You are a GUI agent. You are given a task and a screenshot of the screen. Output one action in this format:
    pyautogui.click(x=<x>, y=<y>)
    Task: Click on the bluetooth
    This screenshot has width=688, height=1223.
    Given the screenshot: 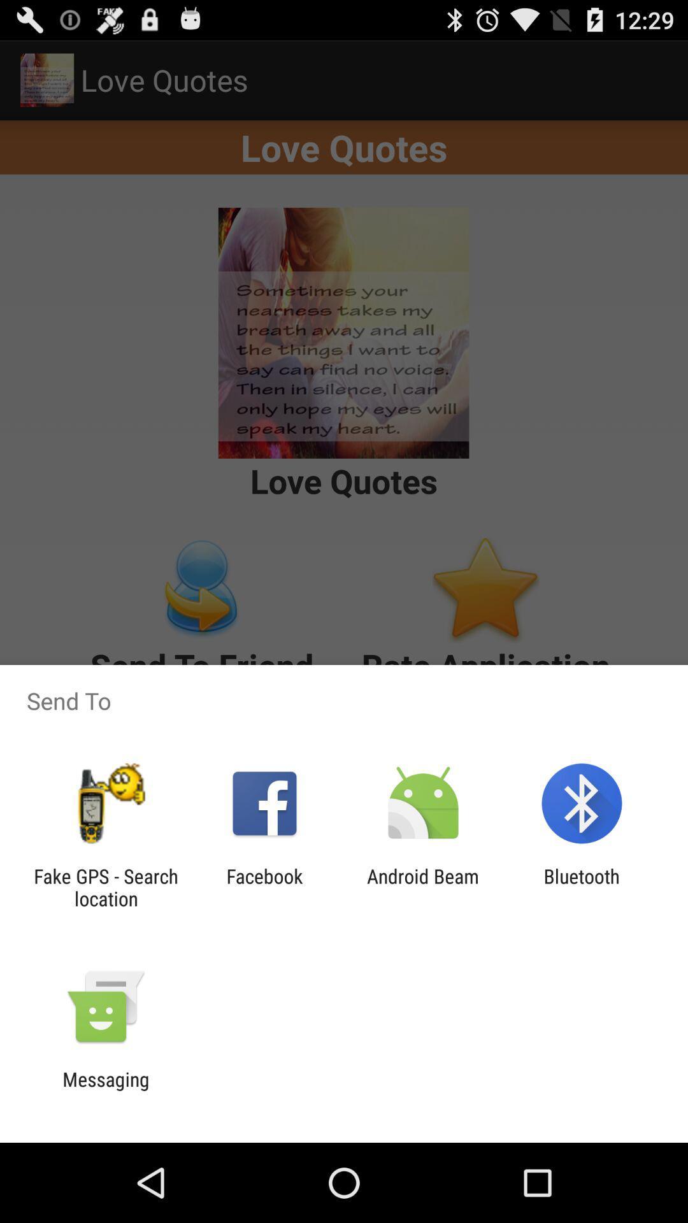 What is the action you would take?
    pyautogui.click(x=582, y=887)
    